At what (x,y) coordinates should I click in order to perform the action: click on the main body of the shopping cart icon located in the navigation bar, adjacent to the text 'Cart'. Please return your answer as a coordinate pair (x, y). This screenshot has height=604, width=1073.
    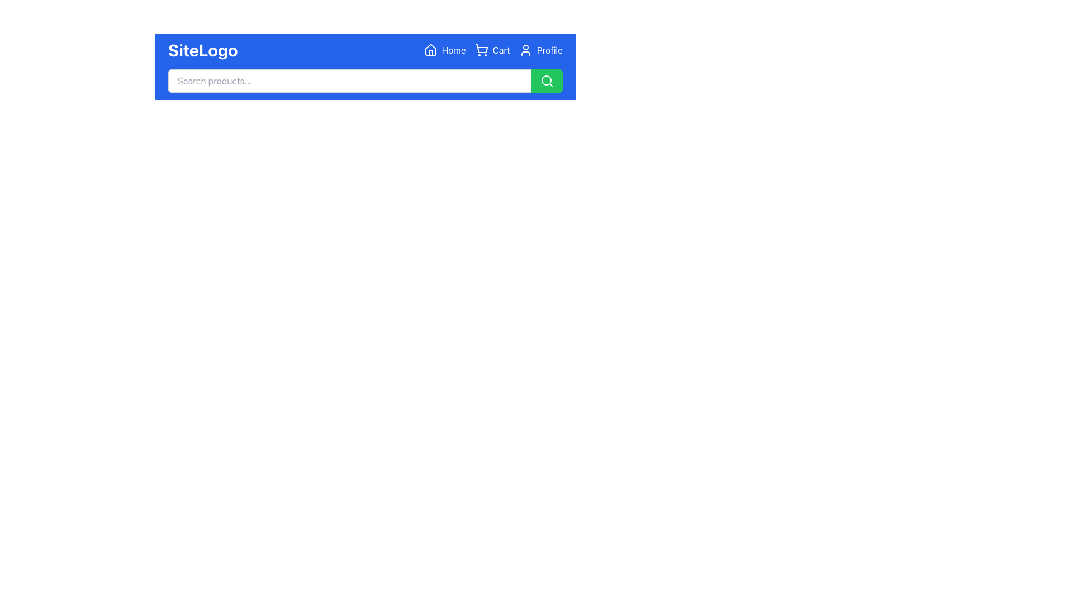
    Looking at the image, I should click on (481, 48).